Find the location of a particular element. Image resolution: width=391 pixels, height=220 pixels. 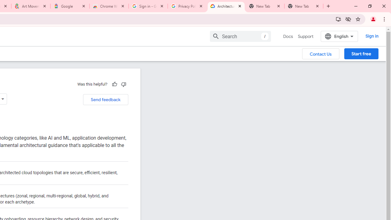

'Sign in - Google Accounts' is located at coordinates (148, 6).